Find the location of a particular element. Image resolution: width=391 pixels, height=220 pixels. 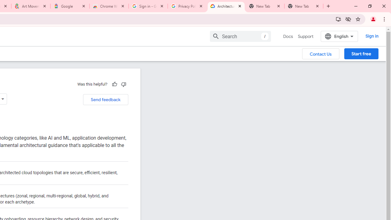

'Sign in - Google Accounts' is located at coordinates (148, 6).